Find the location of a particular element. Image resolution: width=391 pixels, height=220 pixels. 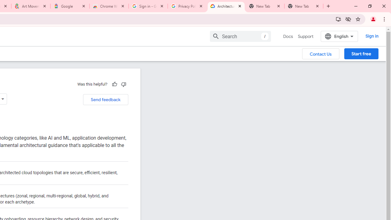

'Sign in - Google Accounts' is located at coordinates (148, 6).